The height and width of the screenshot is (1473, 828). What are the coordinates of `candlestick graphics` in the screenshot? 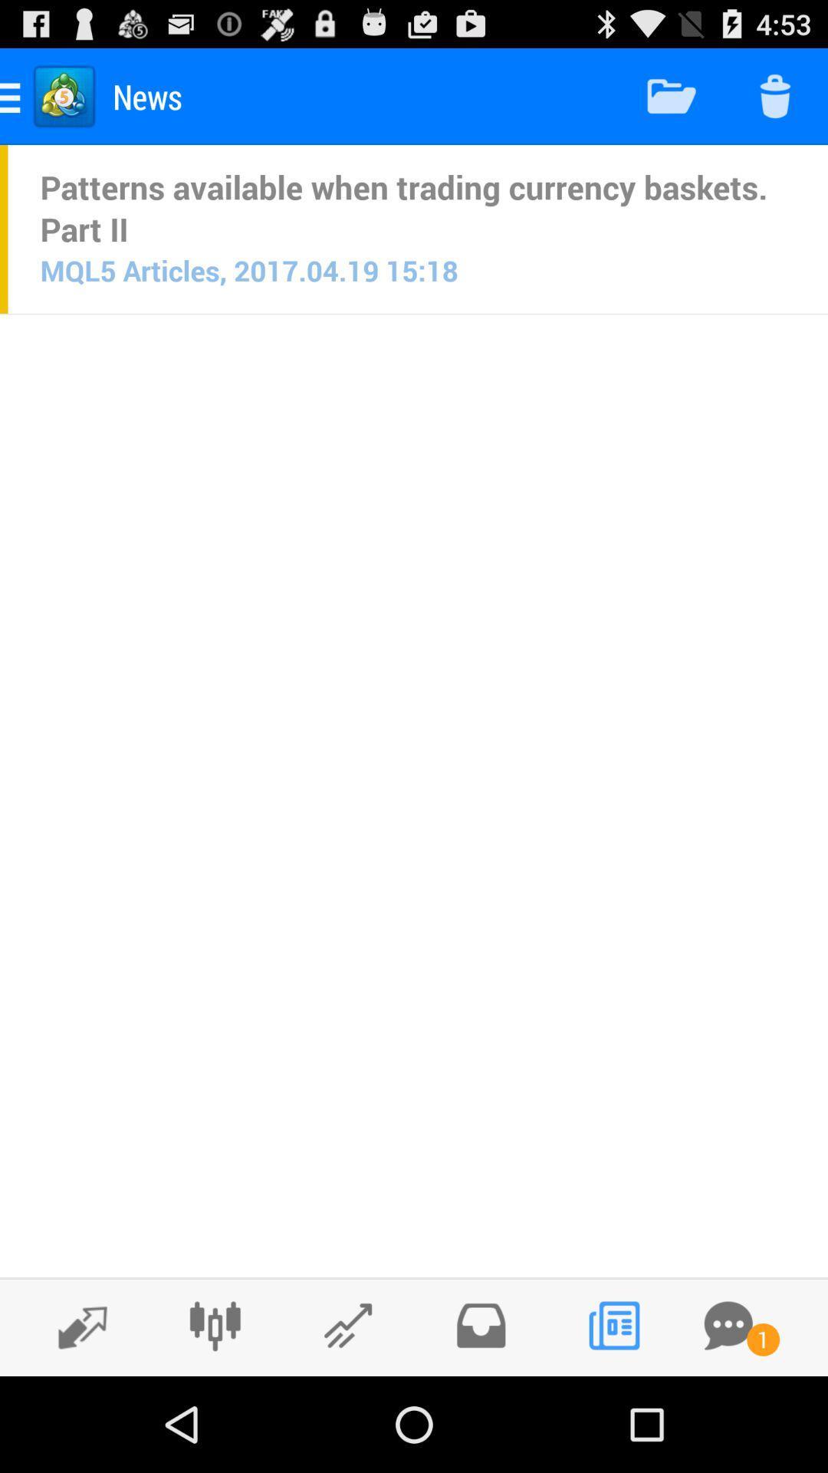 It's located at (215, 1325).